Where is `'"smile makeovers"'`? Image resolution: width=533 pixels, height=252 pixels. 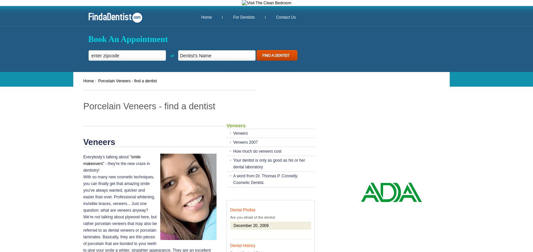 '"smile makeovers"' is located at coordinates (83, 160).